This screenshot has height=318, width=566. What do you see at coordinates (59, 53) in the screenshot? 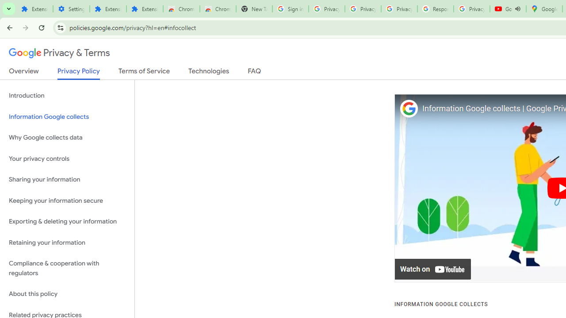
I see `'Privacy & Terms'` at bounding box center [59, 53].